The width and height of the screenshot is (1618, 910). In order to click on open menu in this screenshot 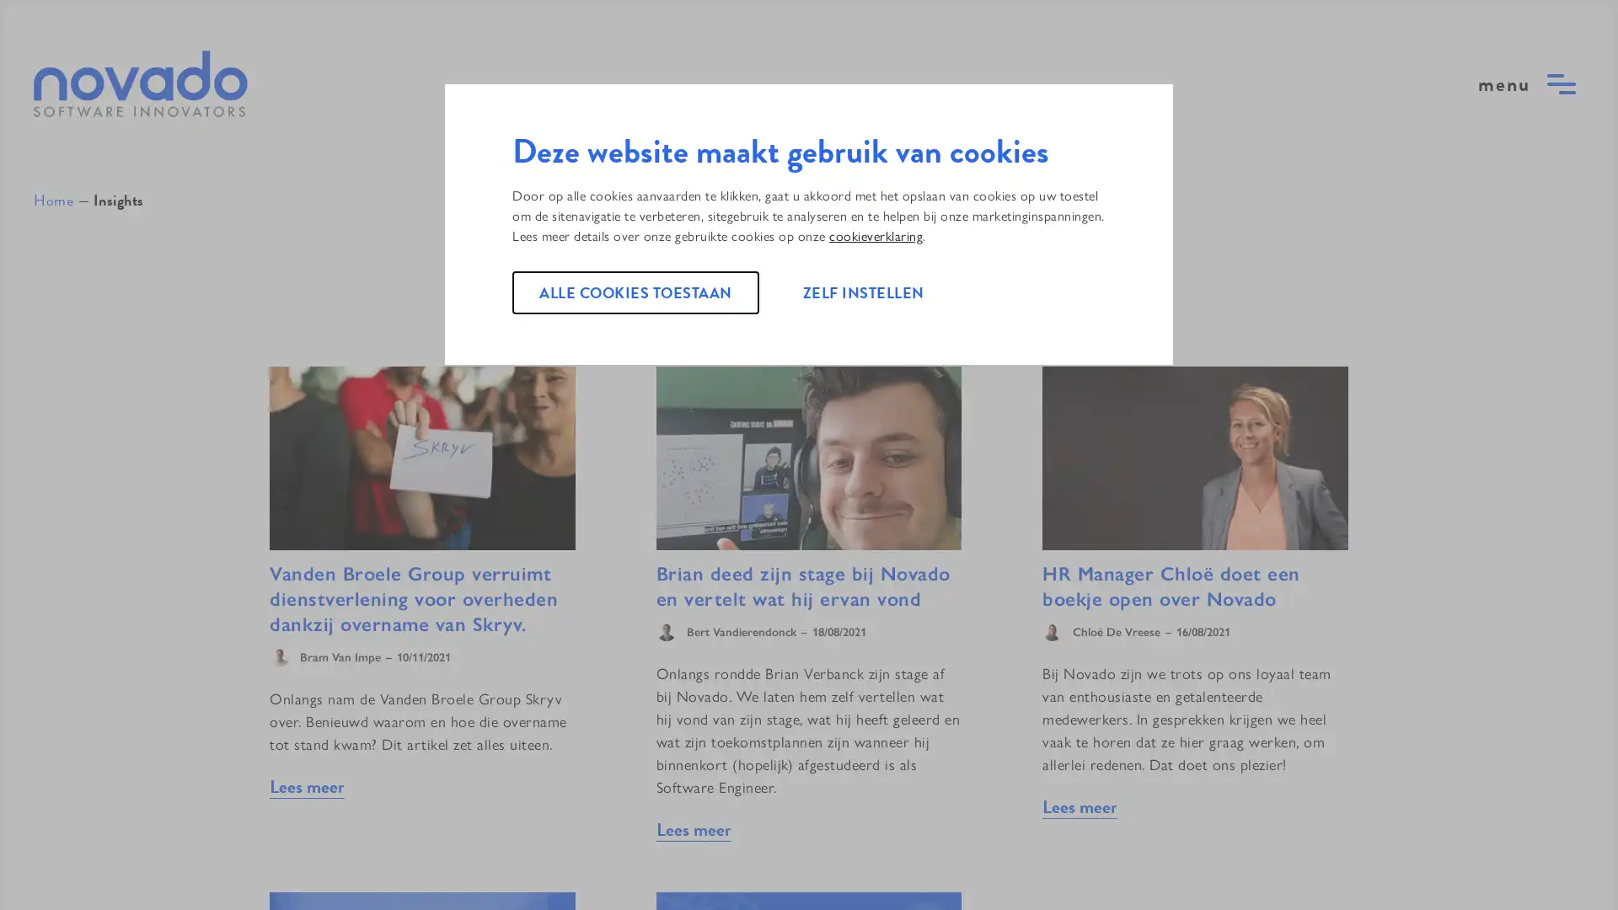, I will do `click(1526, 84)`.